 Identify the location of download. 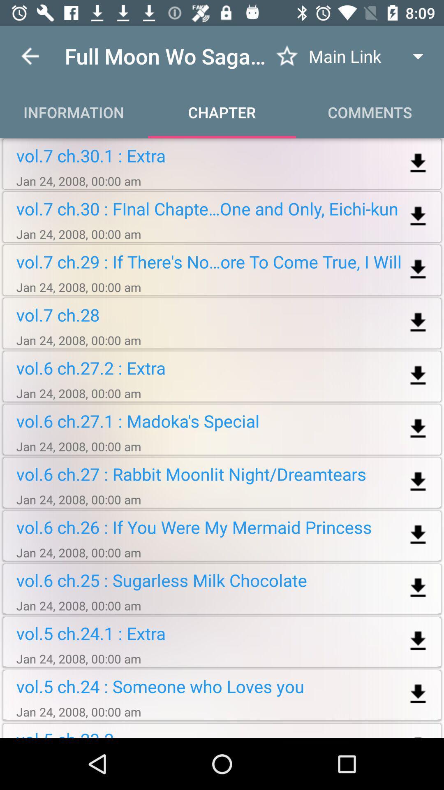
(418, 375).